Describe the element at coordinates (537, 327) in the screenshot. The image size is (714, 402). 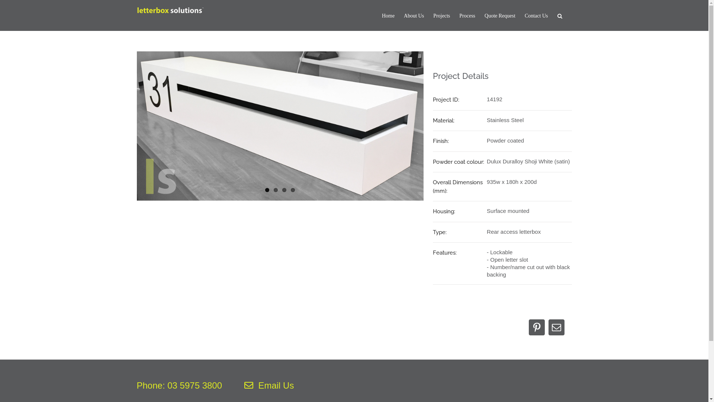
I see `'Pinterest'` at that location.